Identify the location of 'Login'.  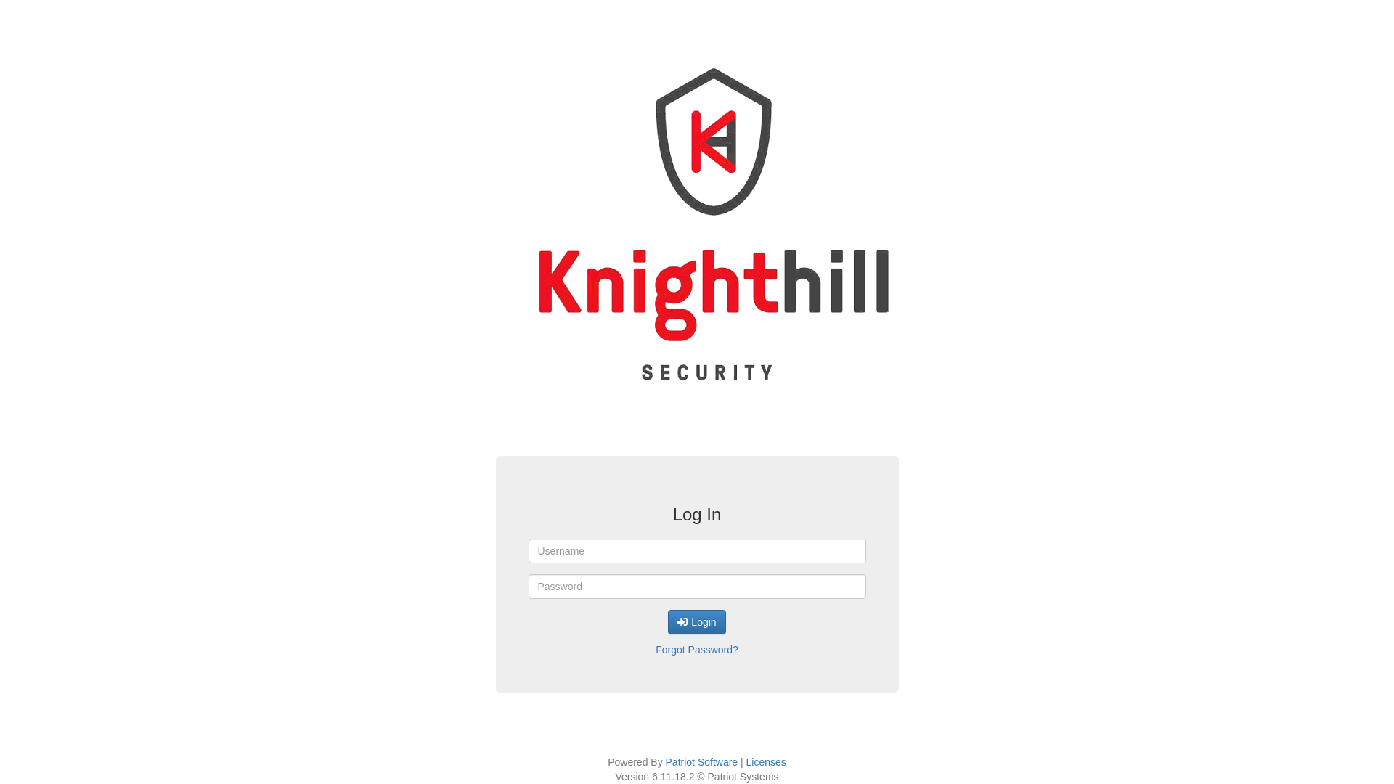
(696, 621).